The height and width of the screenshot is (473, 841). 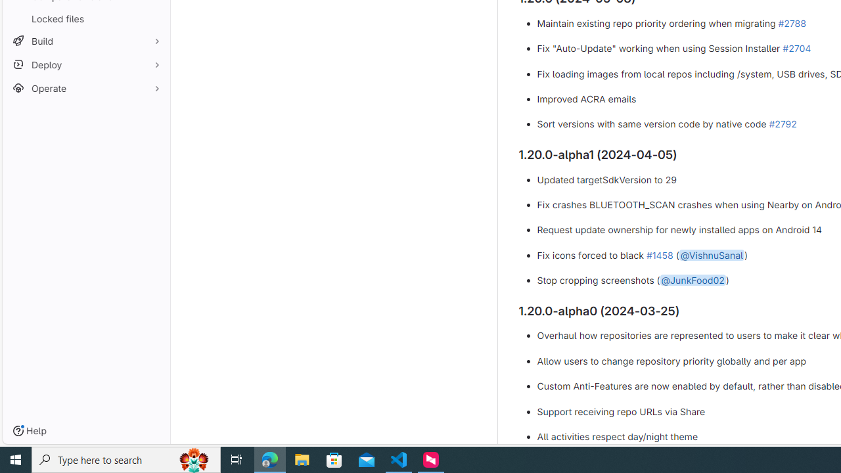 I want to click on 'Build', so click(x=85, y=40).